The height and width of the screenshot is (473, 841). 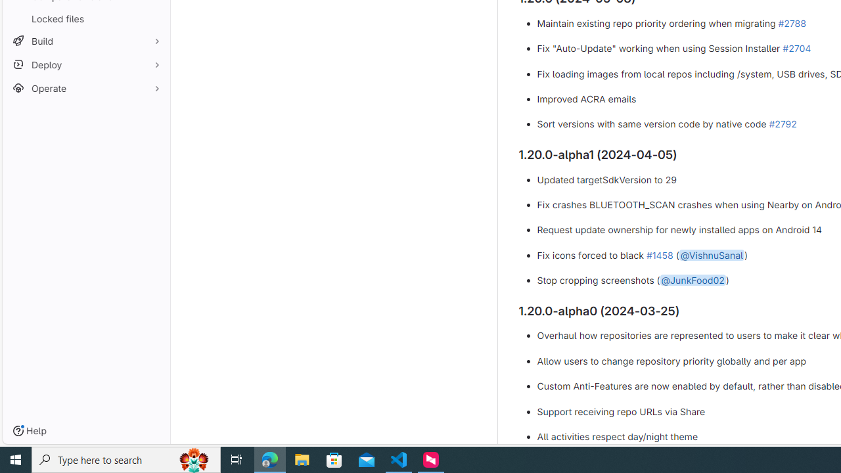 I want to click on 'Build', so click(x=85, y=40).